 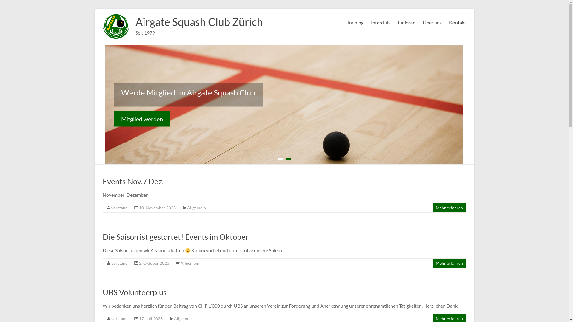 I want to click on 'vorstand', so click(x=119, y=207).